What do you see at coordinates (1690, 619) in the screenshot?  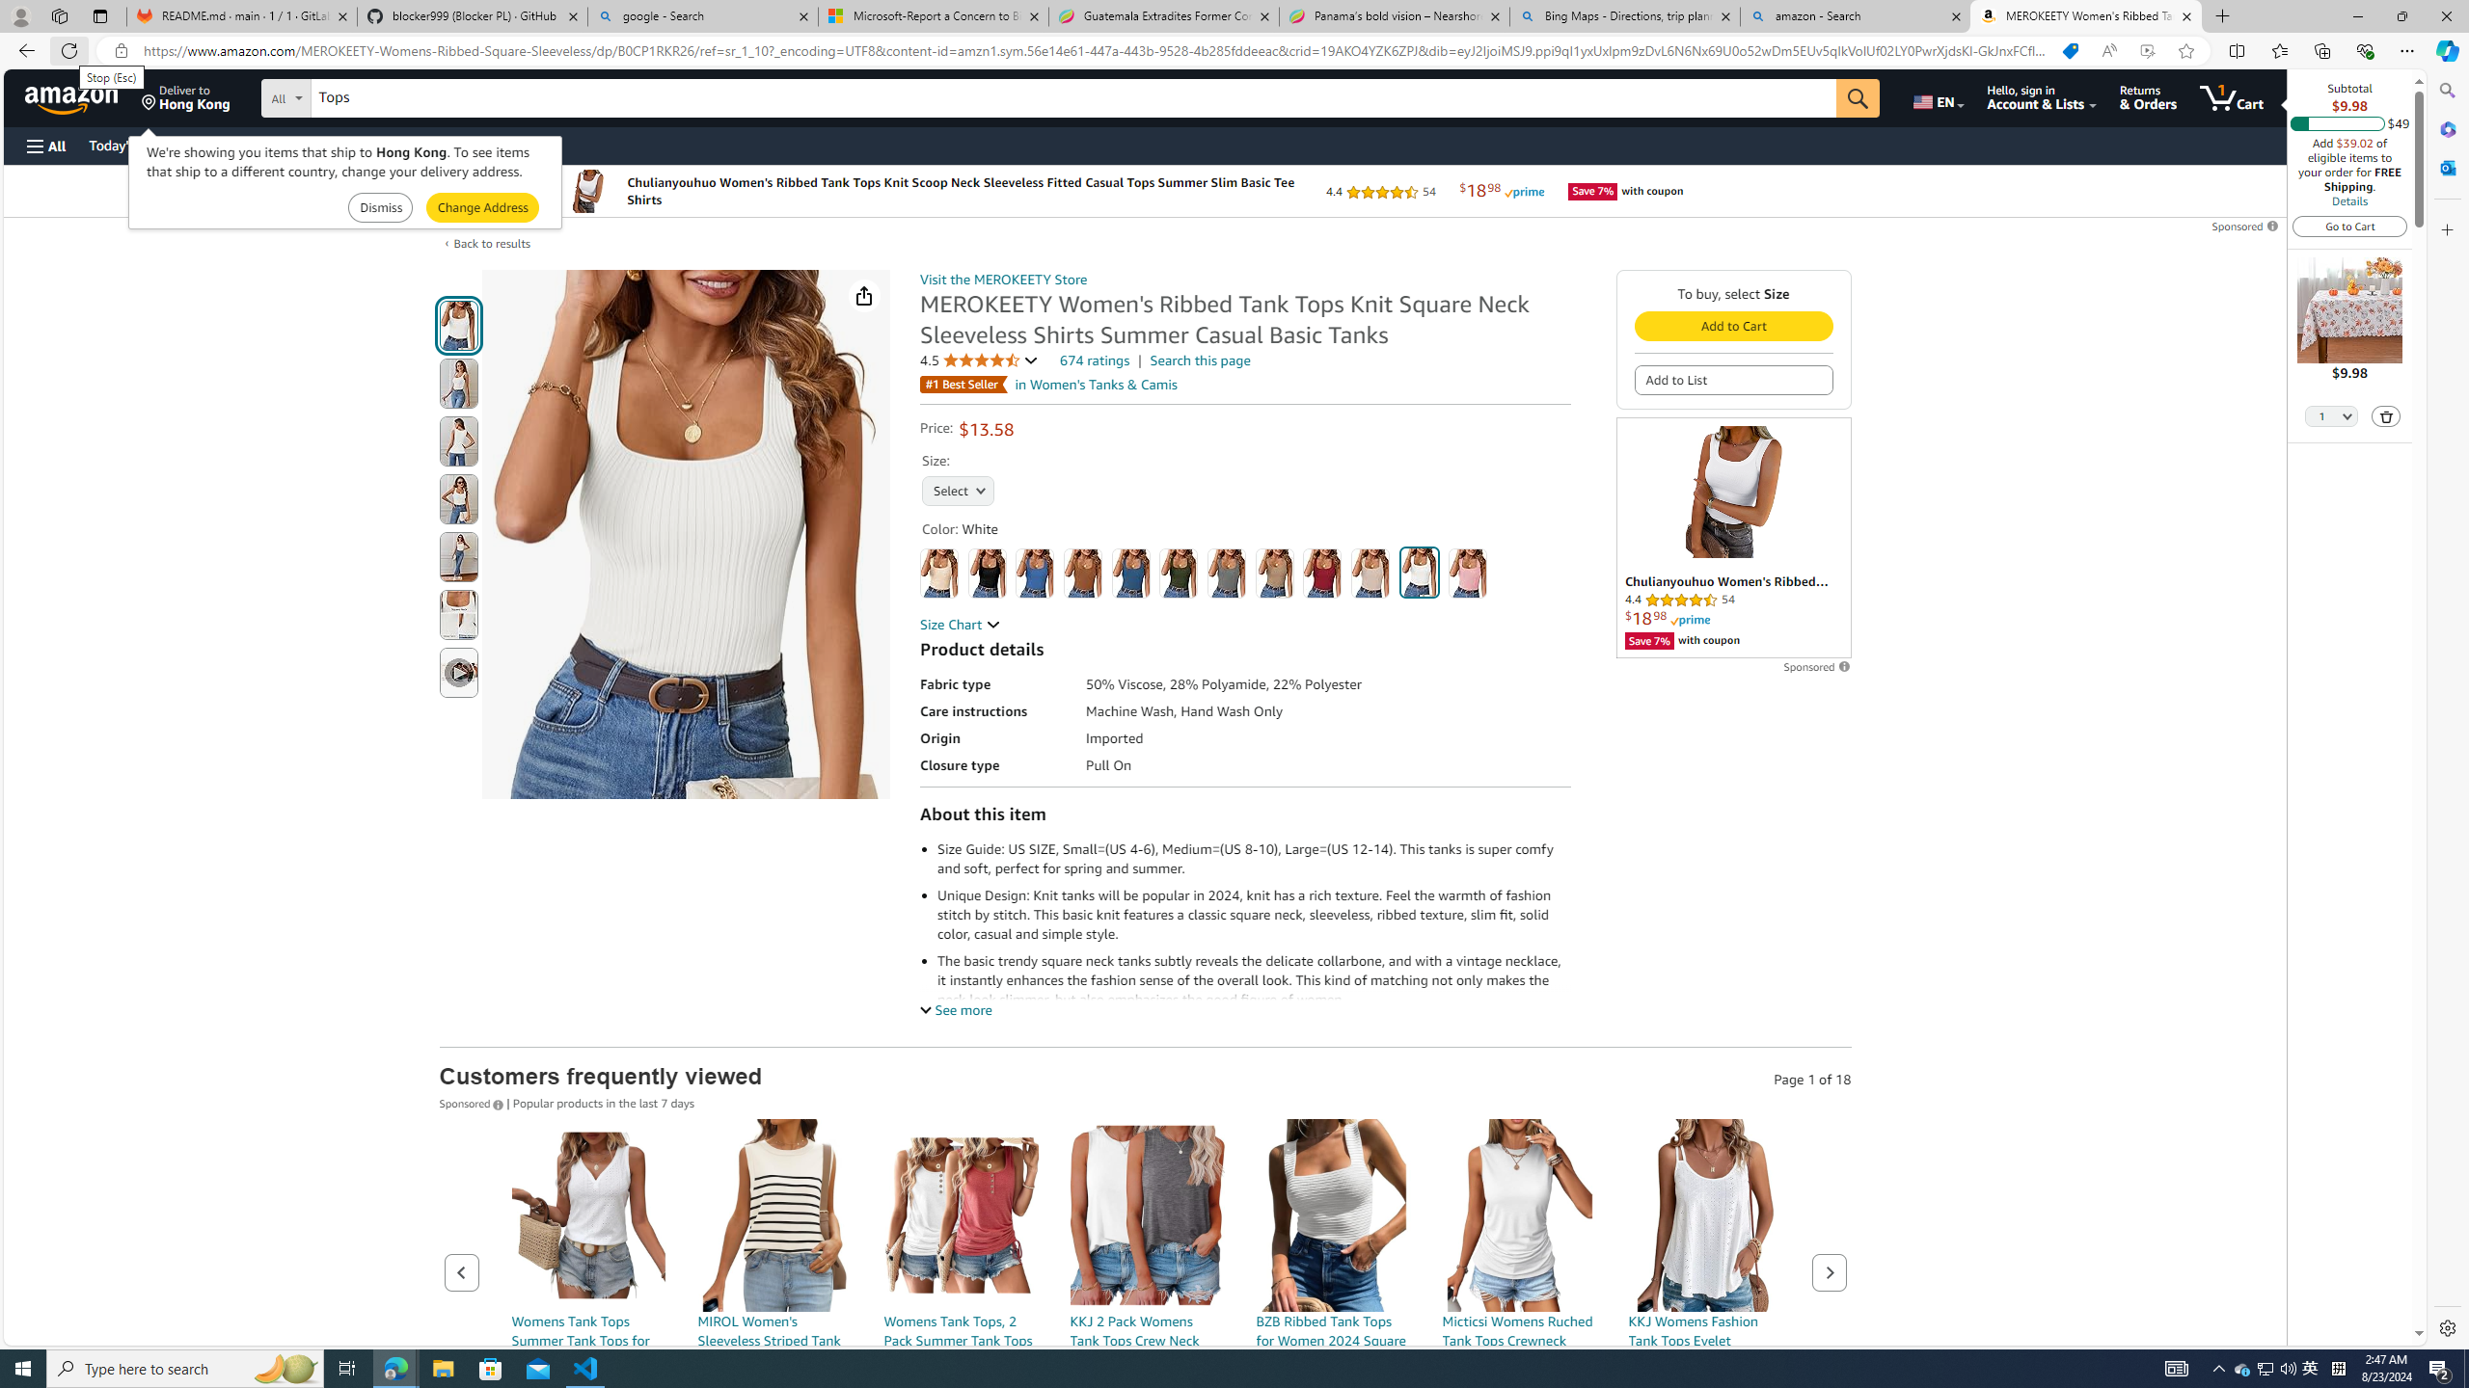 I see `'Prime'` at bounding box center [1690, 619].